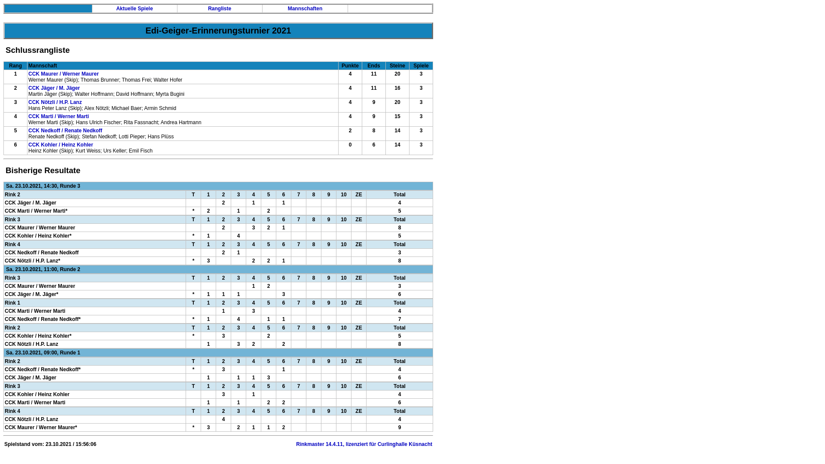 Image resolution: width=825 pixels, height=464 pixels. I want to click on 'Aktuelle Spiele', so click(134, 8).